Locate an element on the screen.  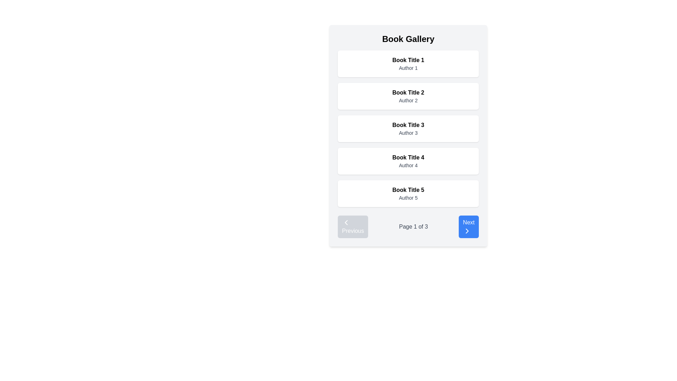
text of the Text Label displaying 'Book Title 2', which is centrally positioned in the second card of a vertical list of book entries, above 'Author 2' is located at coordinates (408, 92).